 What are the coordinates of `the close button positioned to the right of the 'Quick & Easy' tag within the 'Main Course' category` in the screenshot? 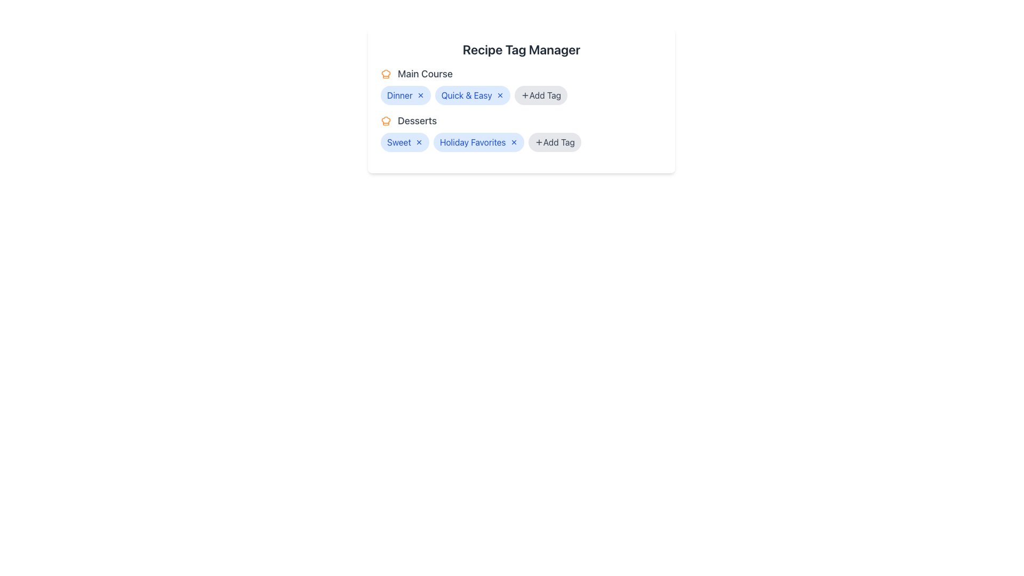 It's located at (499, 94).